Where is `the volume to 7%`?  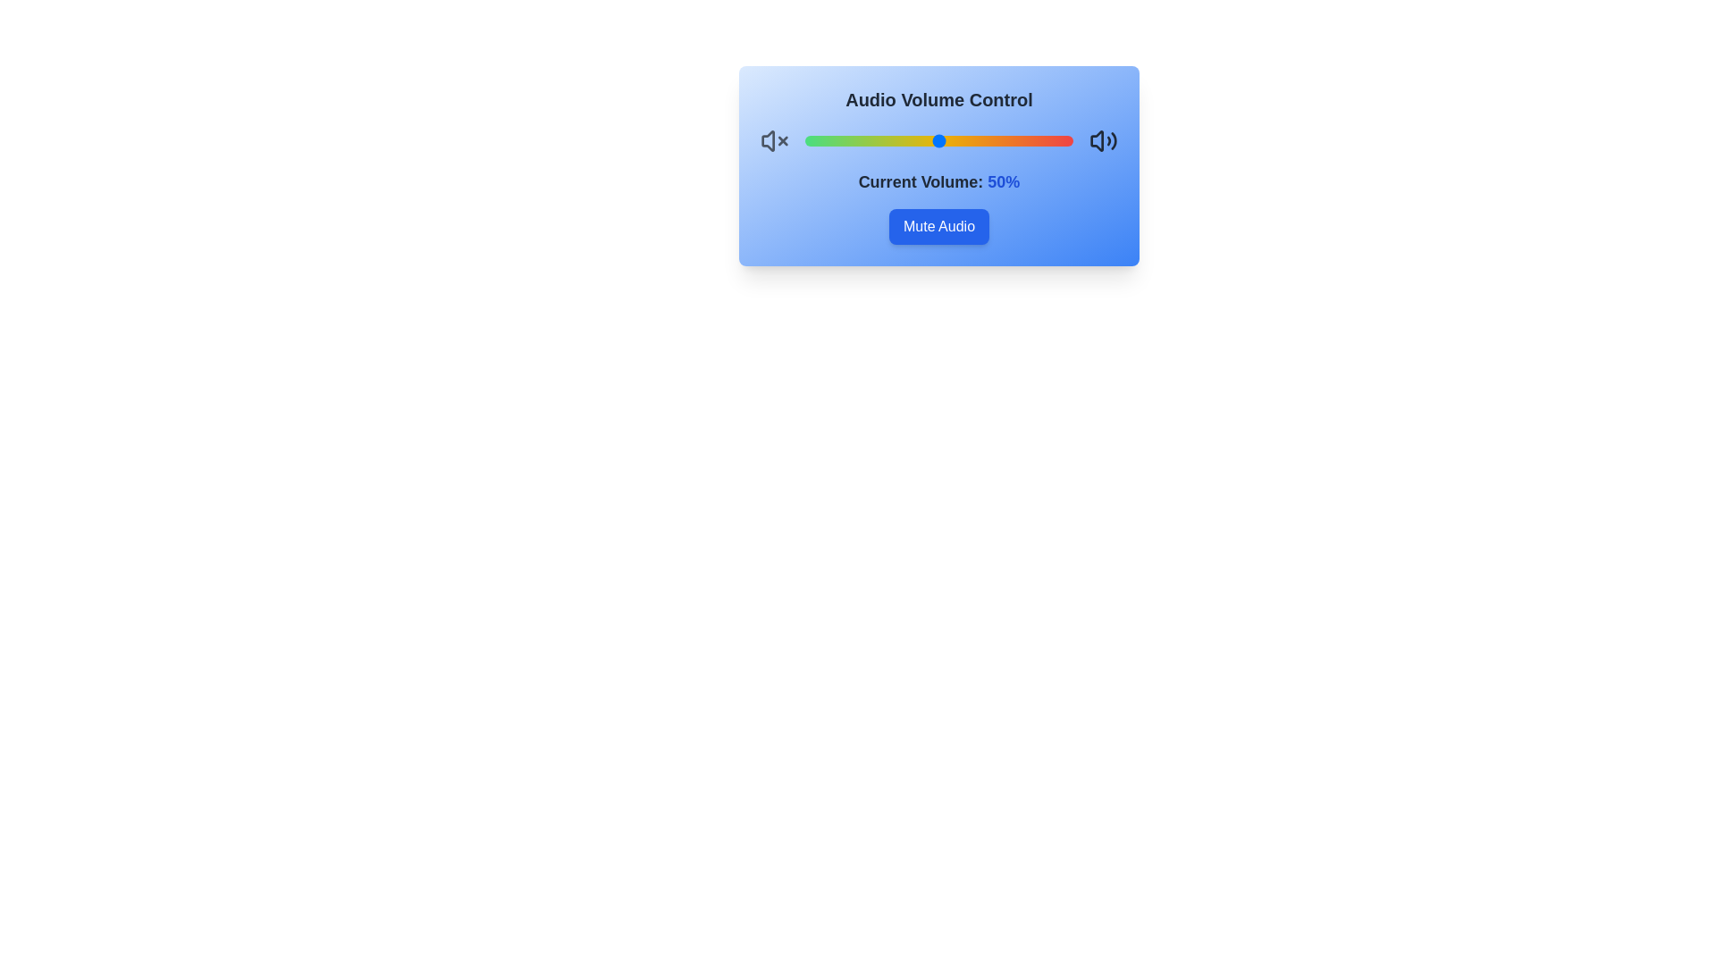
the volume to 7% is located at coordinates (822, 140).